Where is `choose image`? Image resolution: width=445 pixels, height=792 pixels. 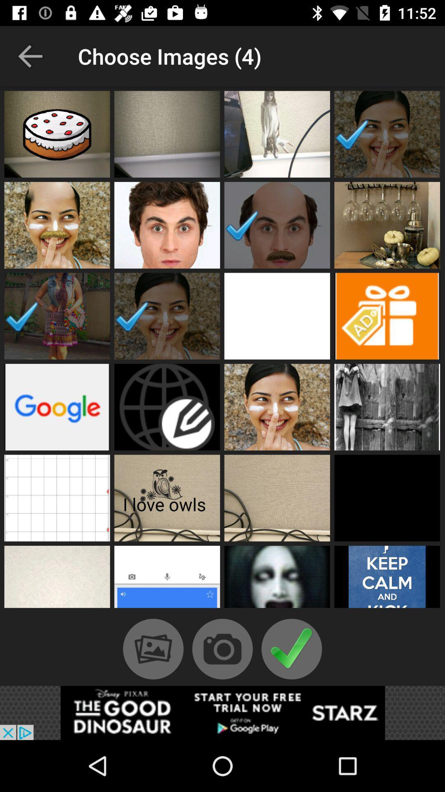 choose image is located at coordinates (277, 407).